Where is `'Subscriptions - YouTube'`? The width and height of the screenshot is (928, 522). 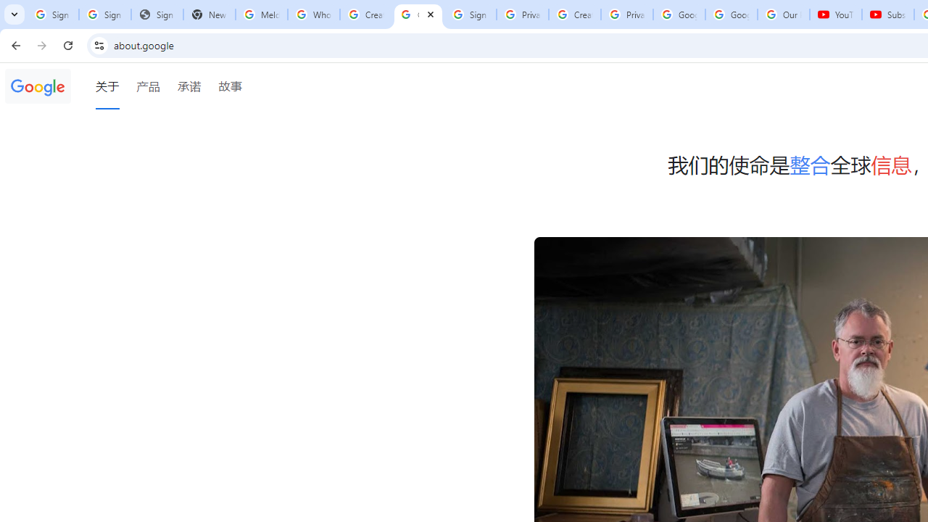
'Subscriptions - YouTube' is located at coordinates (887, 14).